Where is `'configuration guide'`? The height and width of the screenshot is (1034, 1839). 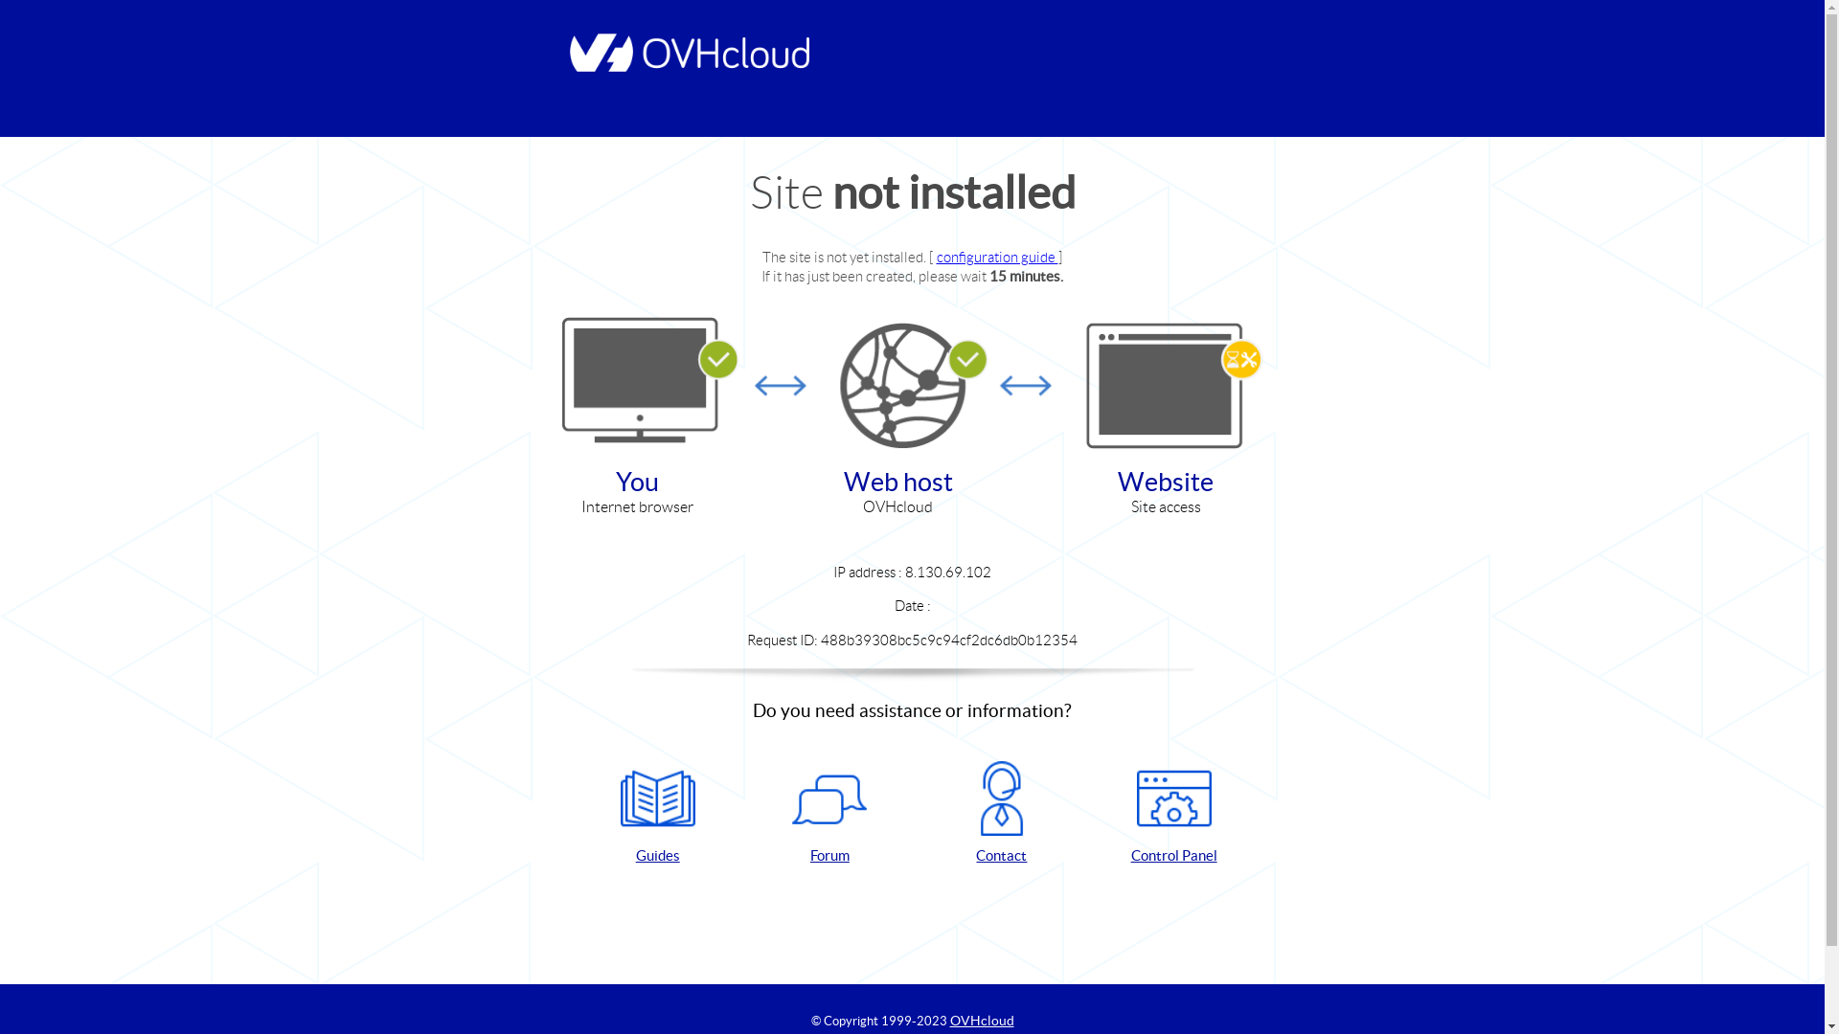 'configuration guide' is located at coordinates (996, 256).